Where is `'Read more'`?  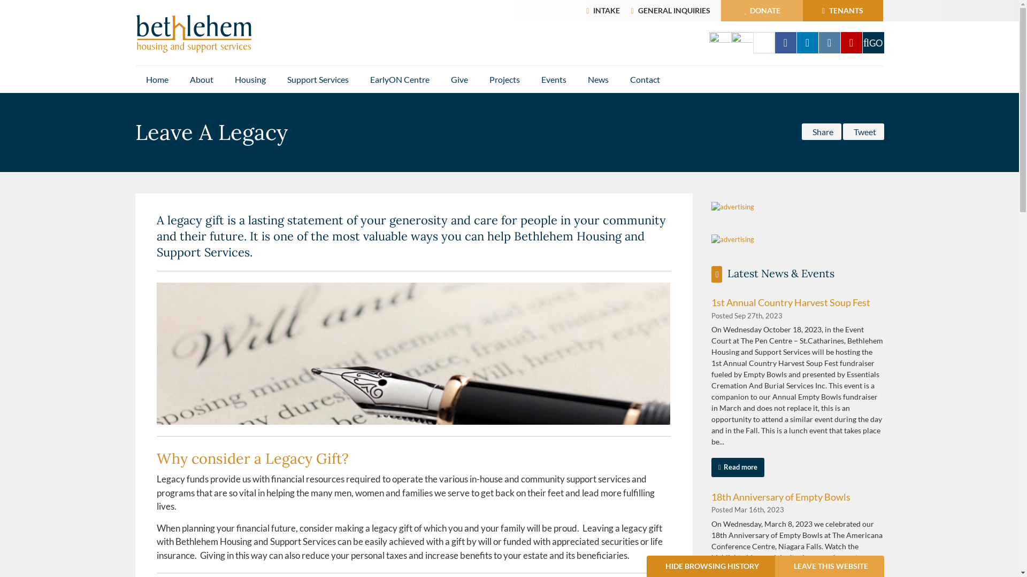
'Read more' is located at coordinates (737, 467).